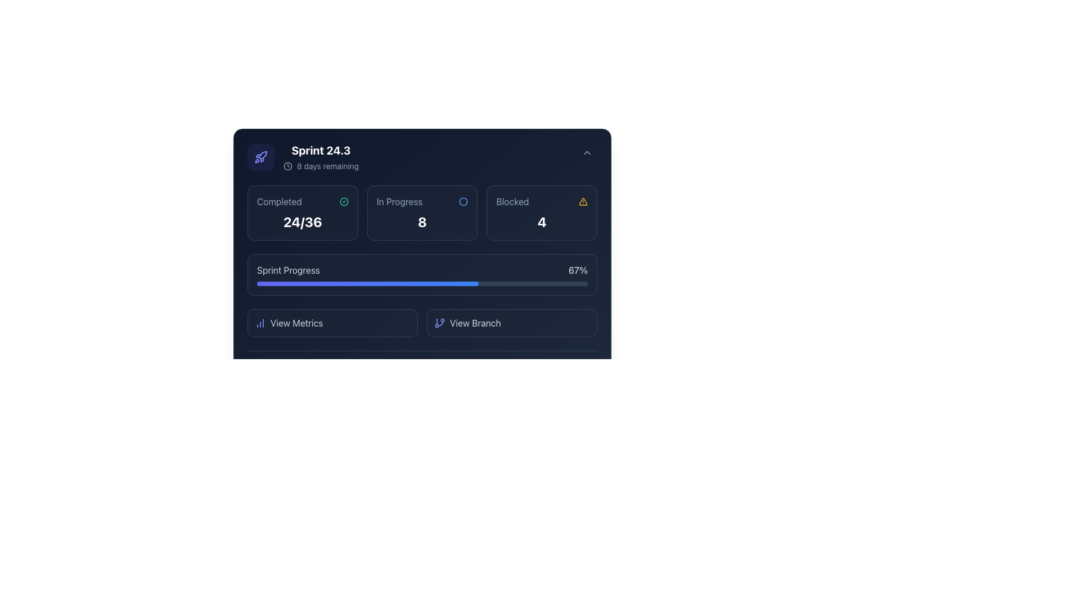 The height and width of the screenshot is (607, 1080). Describe the element at coordinates (475, 323) in the screenshot. I see `the 'View Branch' text label, which is a light gray label located in the bottom right section of the application interface, next to a branch icon` at that location.